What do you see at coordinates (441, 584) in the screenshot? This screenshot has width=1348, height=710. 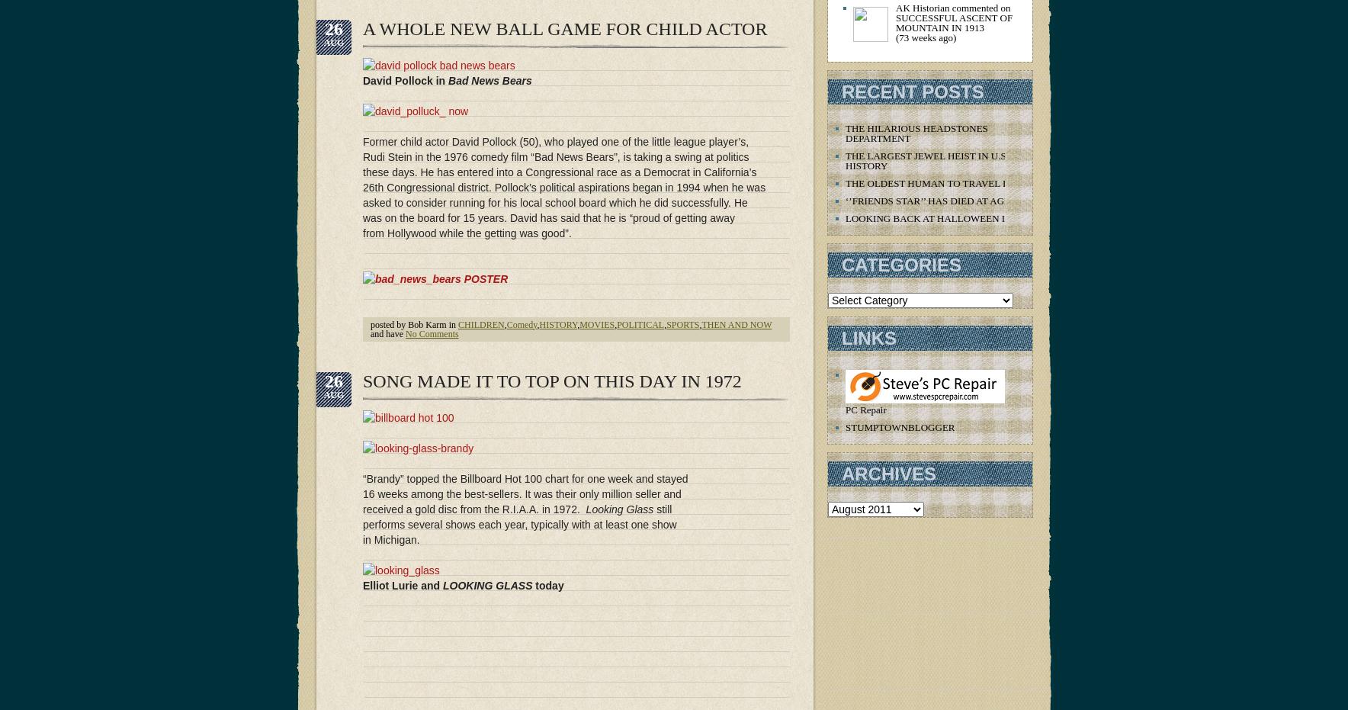 I see `'LOOKING GLASS'` at bounding box center [441, 584].